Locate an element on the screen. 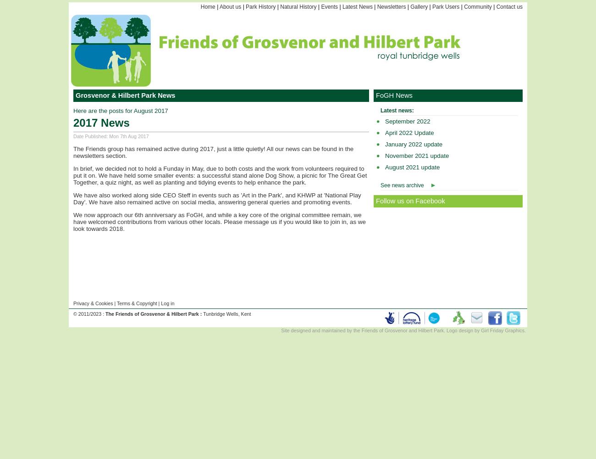 This screenshot has width=596, height=459. 'Park Users' is located at coordinates (432, 7).